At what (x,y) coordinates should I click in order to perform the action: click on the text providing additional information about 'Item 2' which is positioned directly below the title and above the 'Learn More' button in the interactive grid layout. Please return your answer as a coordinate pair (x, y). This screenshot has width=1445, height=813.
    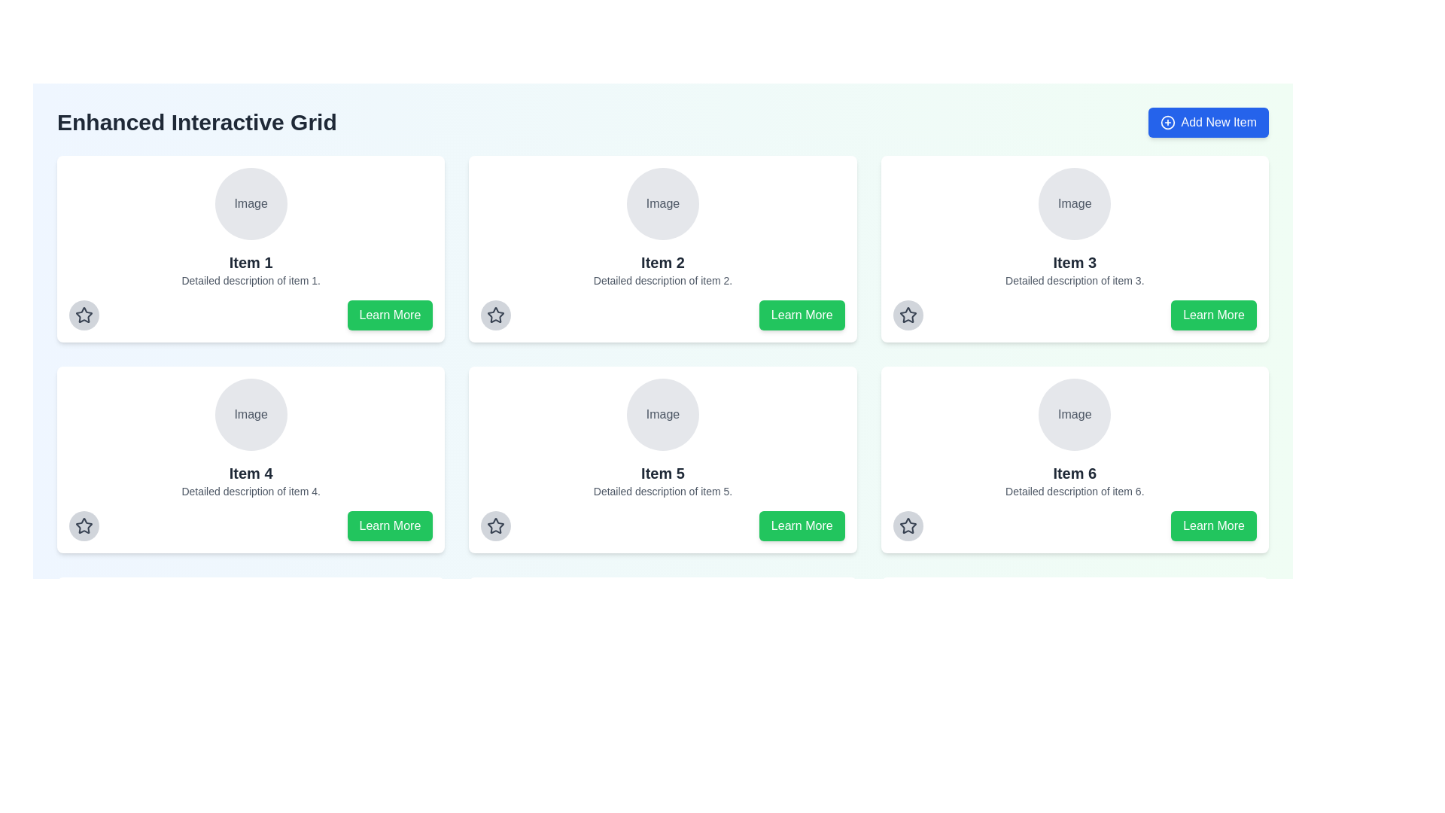
    Looking at the image, I should click on (662, 281).